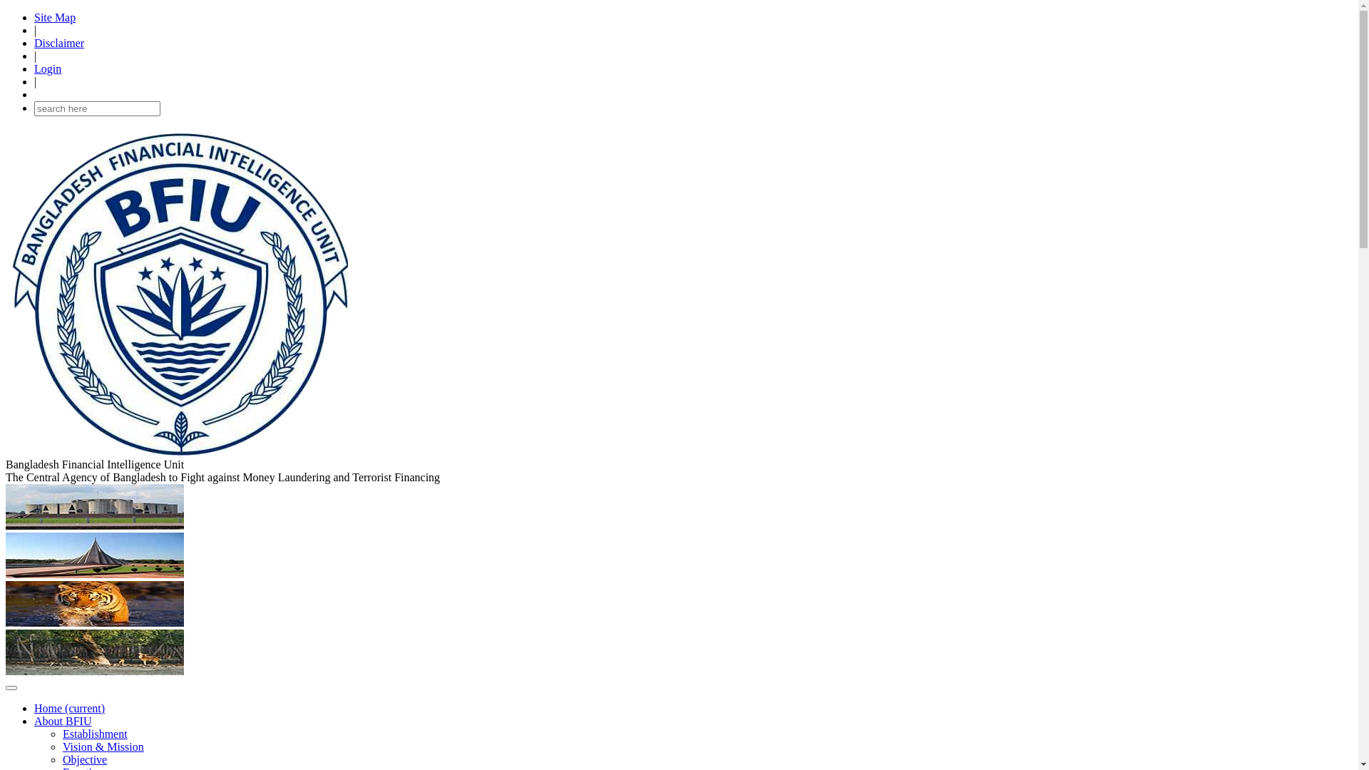 The width and height of the screenshot is (1369, 770). Describe the element at coordinates (48, 68) in the screenshot. I see `'Login'` at that location.